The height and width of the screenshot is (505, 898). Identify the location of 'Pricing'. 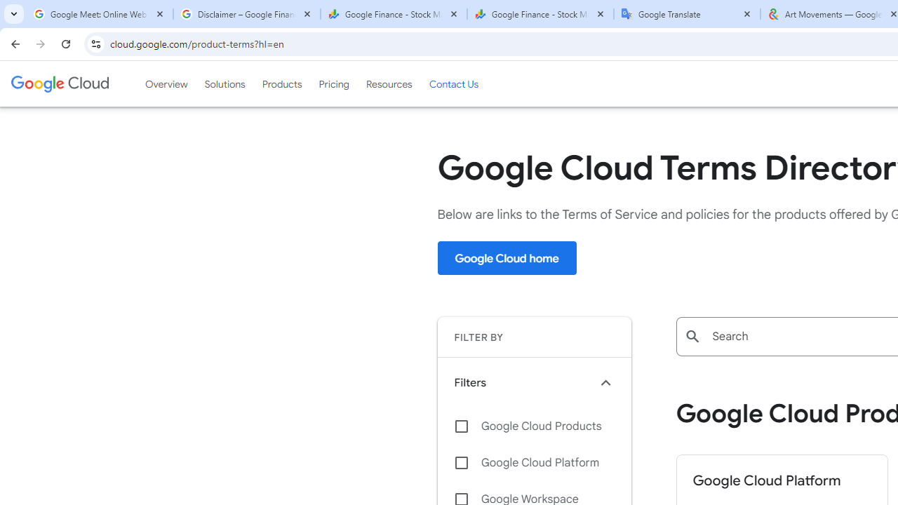
(333, 83).